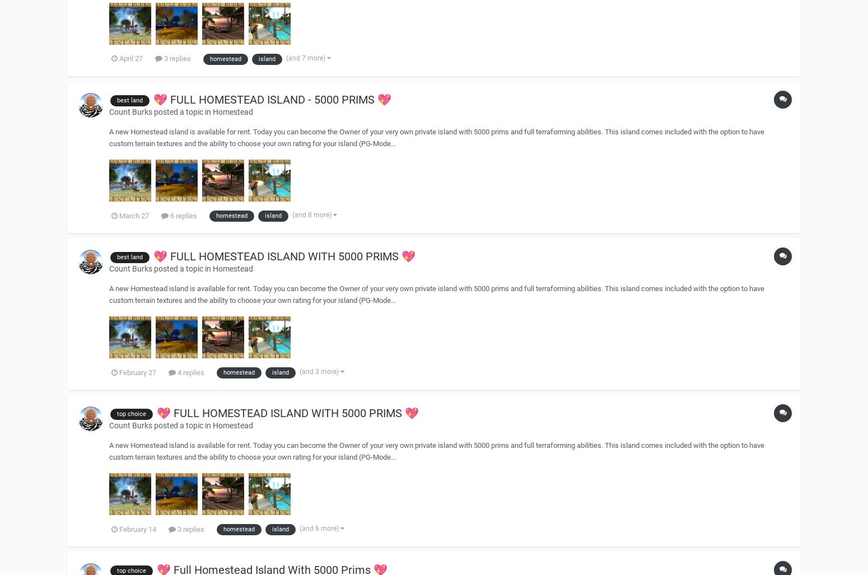 This screenshot has height=575, width=868. I want to click on '💖 FULL HOMESTEAD ISLAND - 5000 PRIMS 💖', so click(272, 98).